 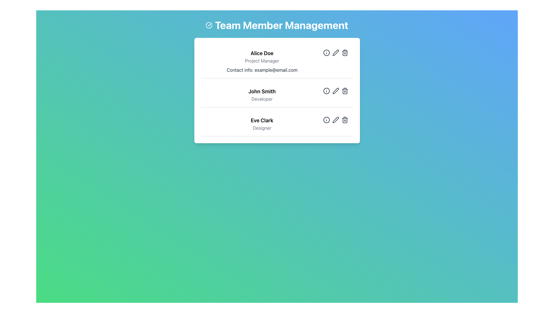 I want to click on static text label displaying the word 'Developer', which is positioned directly beneath the name 'John Smith' in the list of team members, so click(x=262, y=98).